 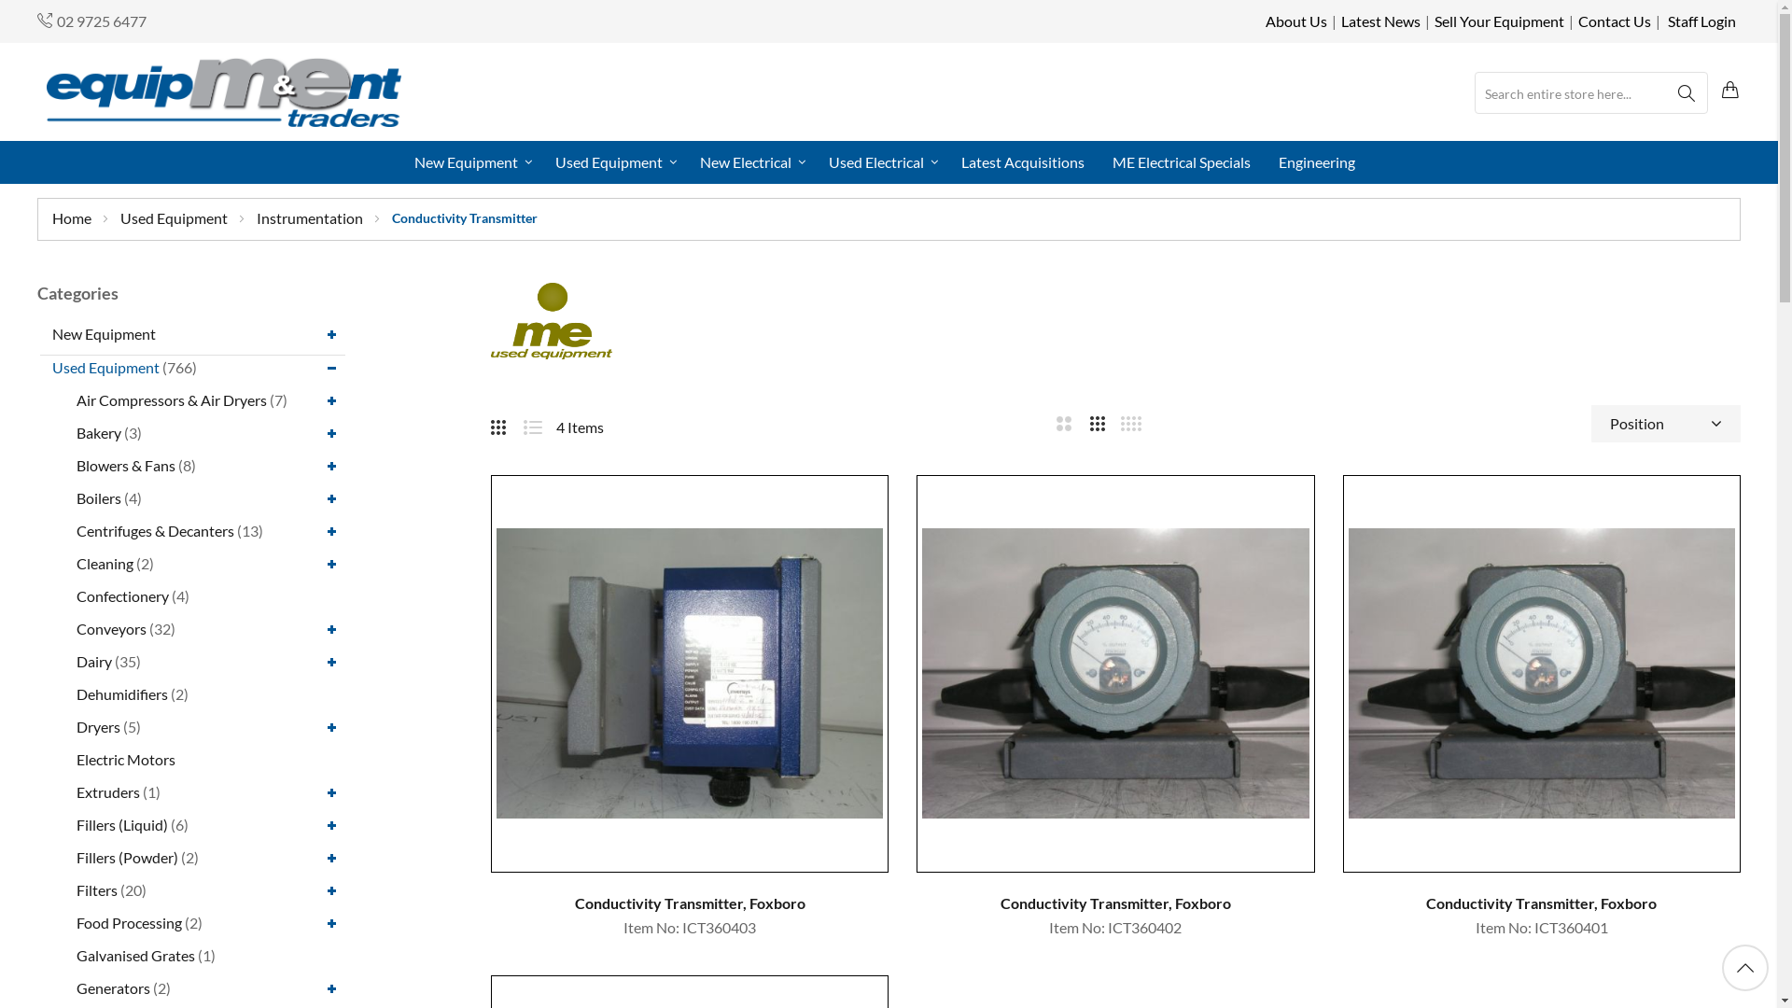 I want to click on 'Generators', so click(x=112, y=986).